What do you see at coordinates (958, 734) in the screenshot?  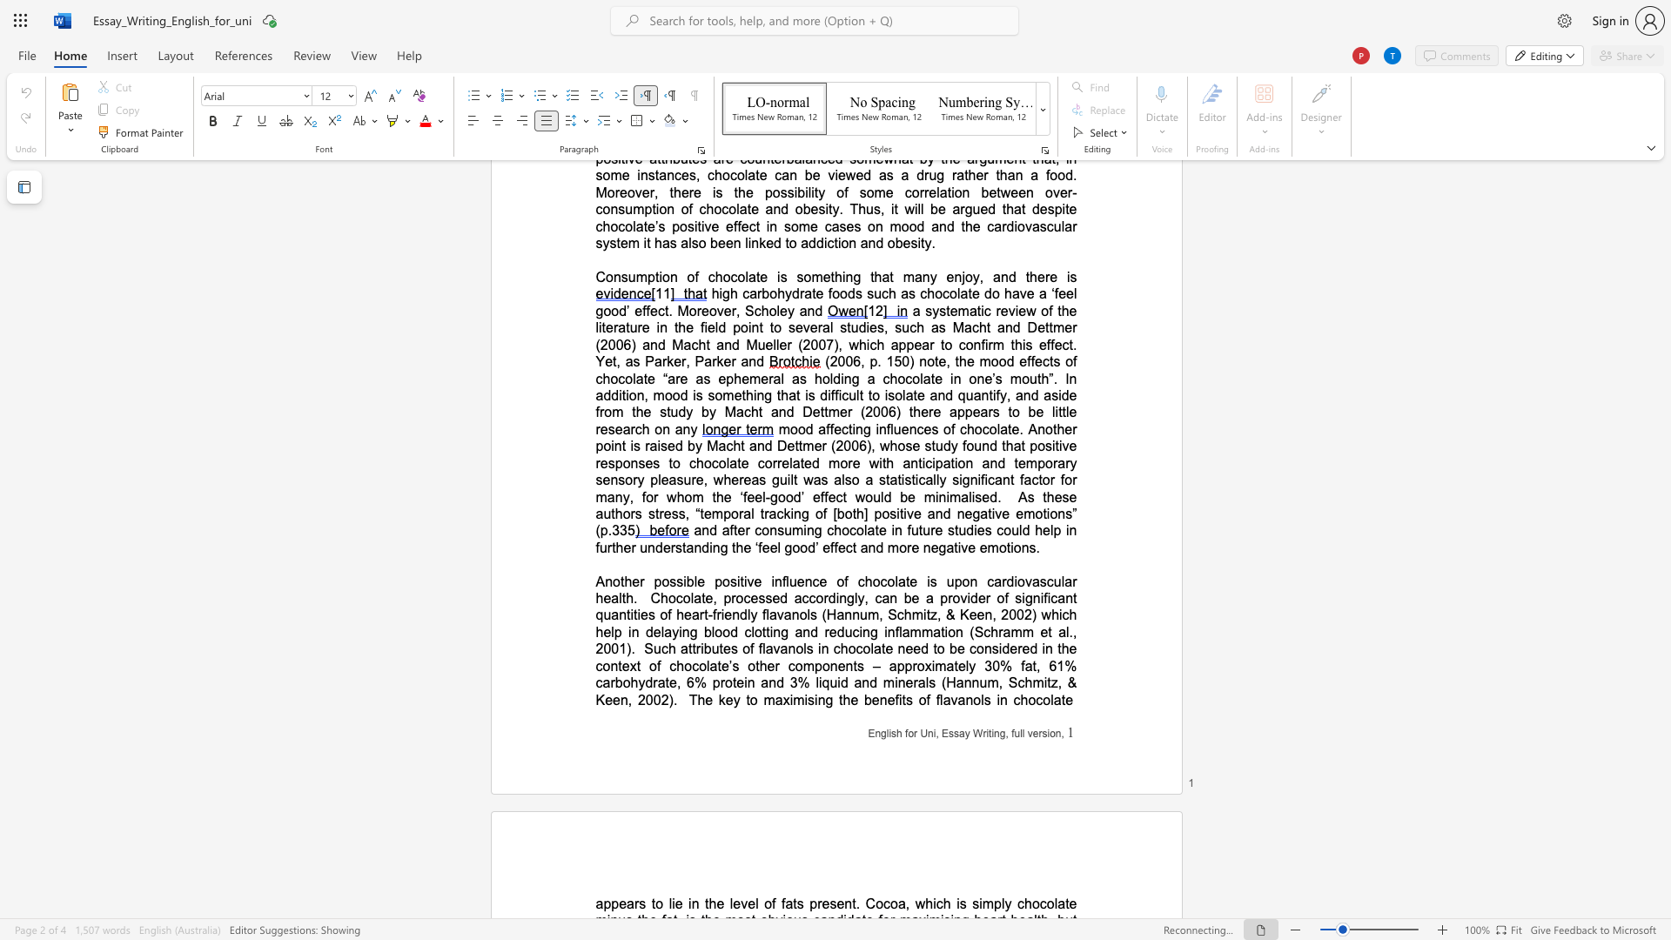 I see `the space between the continuous character "s" and "a" in the text` at bounding box center [958, 734].